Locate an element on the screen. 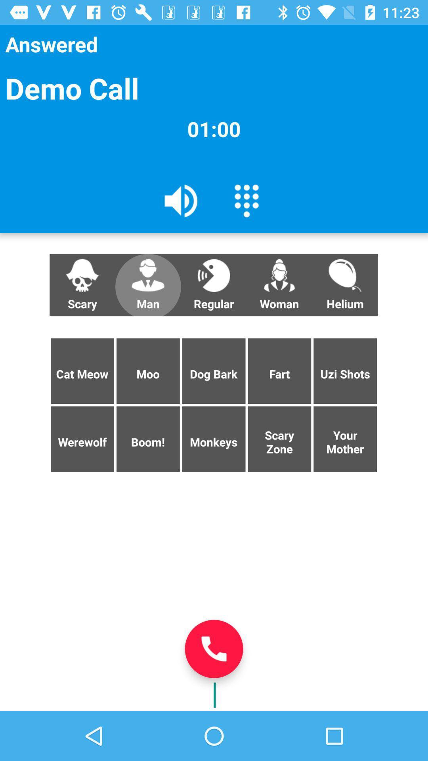  the call icon is located at coordinates (214, 649).